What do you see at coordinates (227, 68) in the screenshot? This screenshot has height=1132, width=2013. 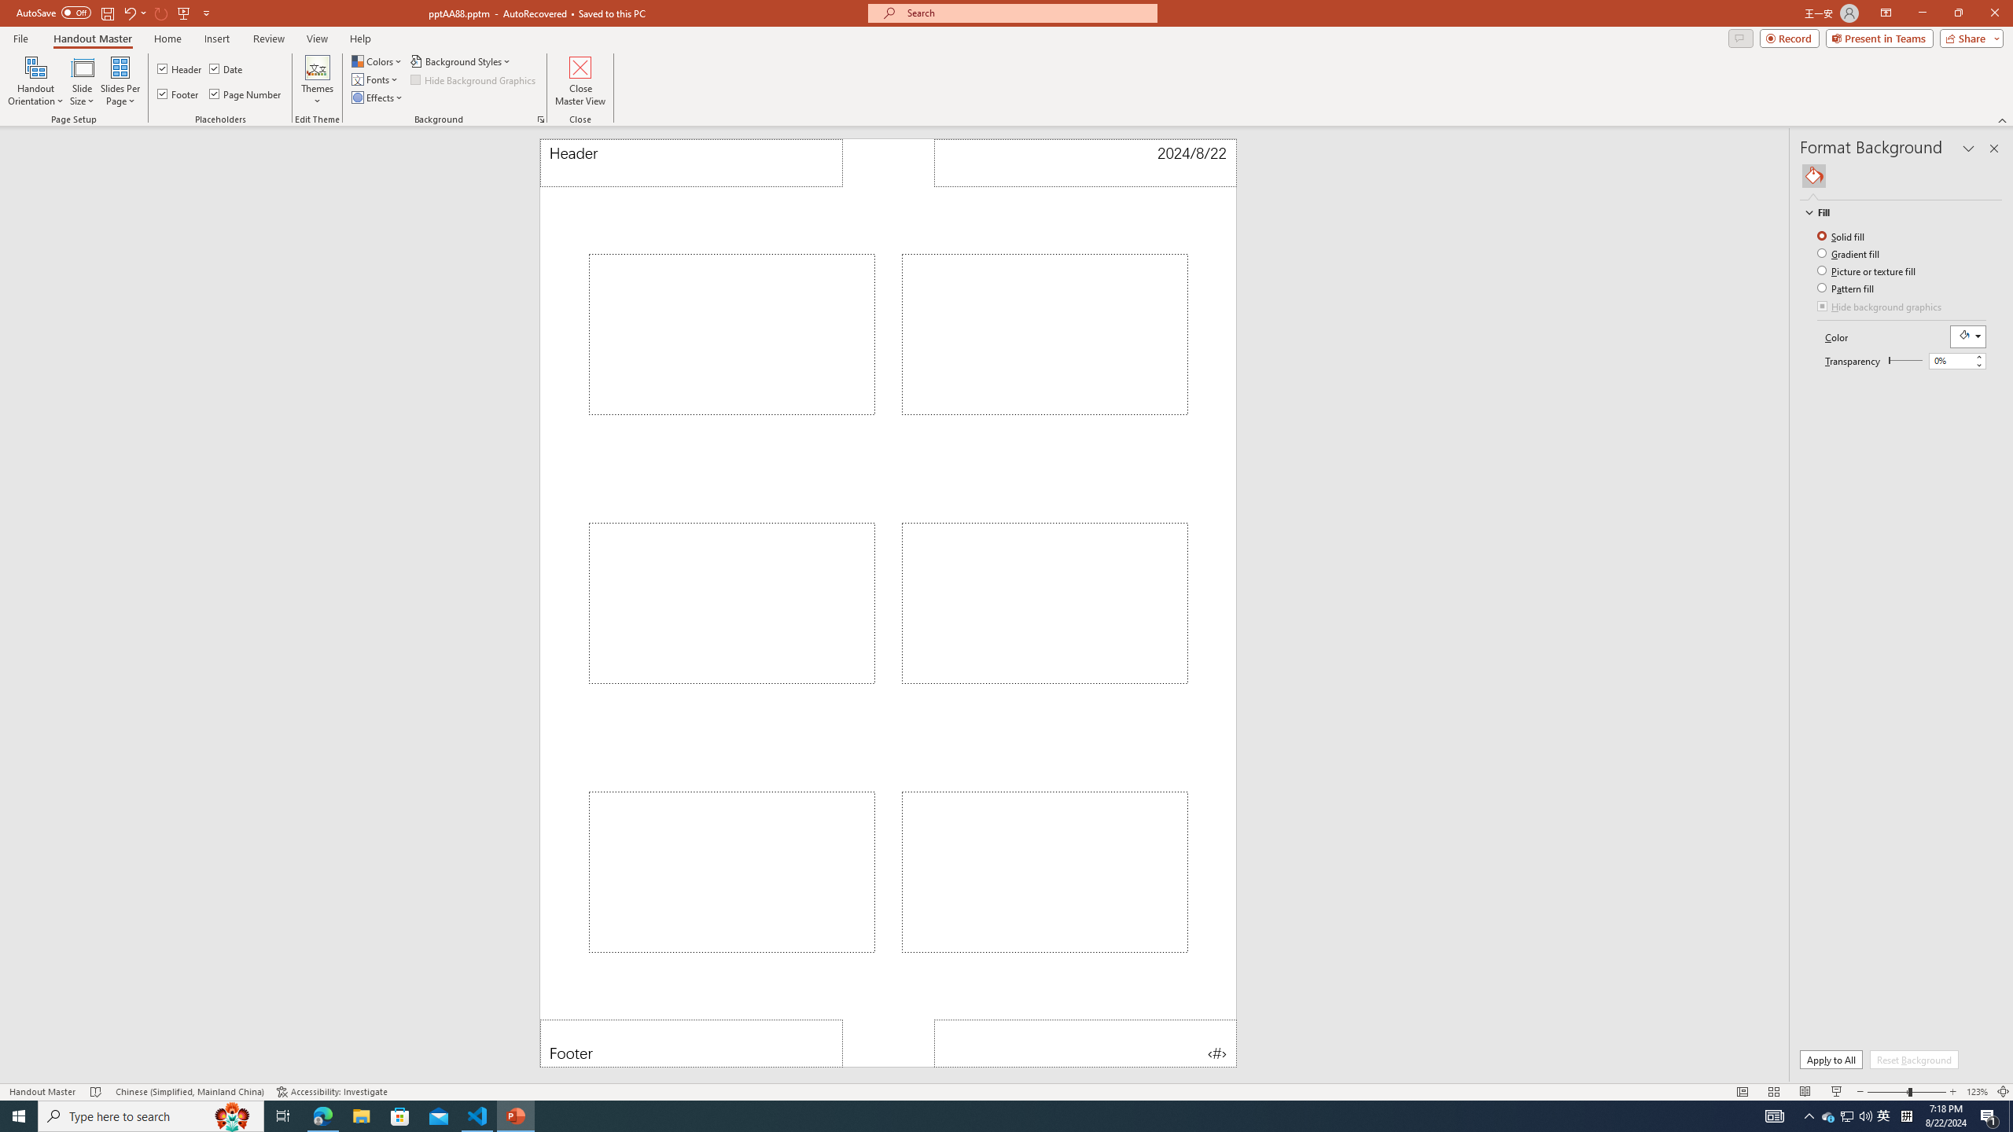 I see `'Date'` at bounding box center [227, 68].